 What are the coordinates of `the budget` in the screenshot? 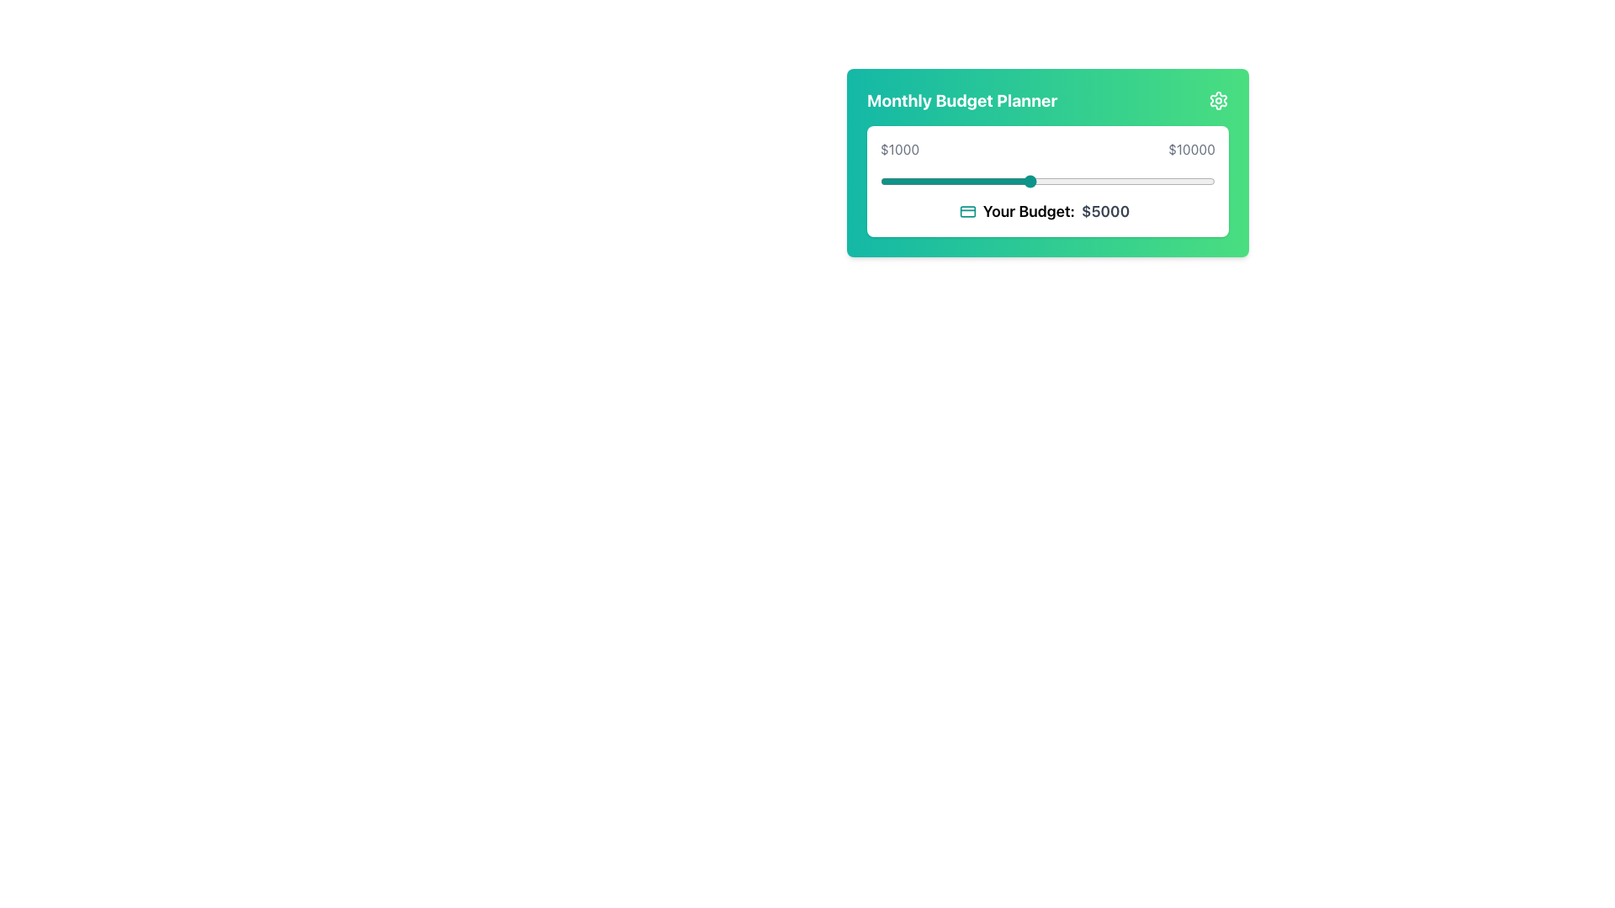 It's located at (1086, 182).